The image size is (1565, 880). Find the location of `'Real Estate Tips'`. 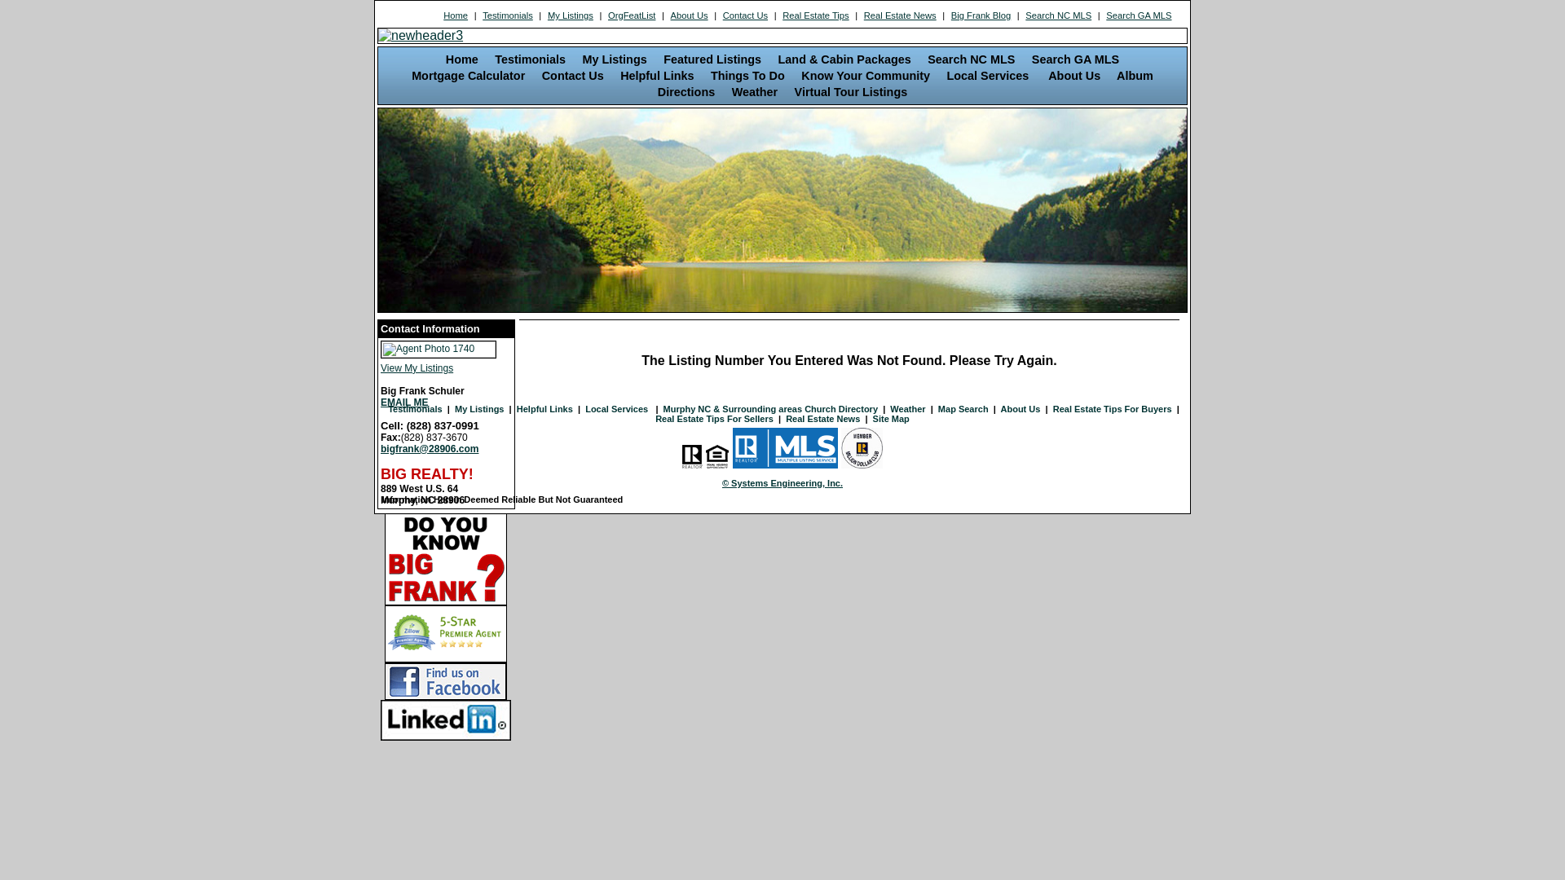

'Real Estate Tips' is located at coordinates (816, 15).